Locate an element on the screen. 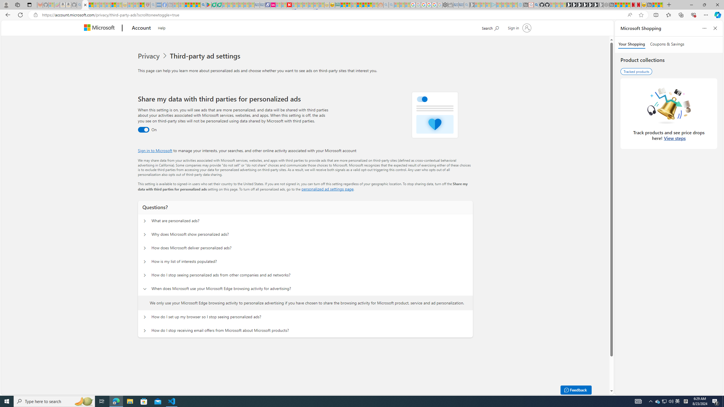  'github - Search' is located at coordinates (536, 5).